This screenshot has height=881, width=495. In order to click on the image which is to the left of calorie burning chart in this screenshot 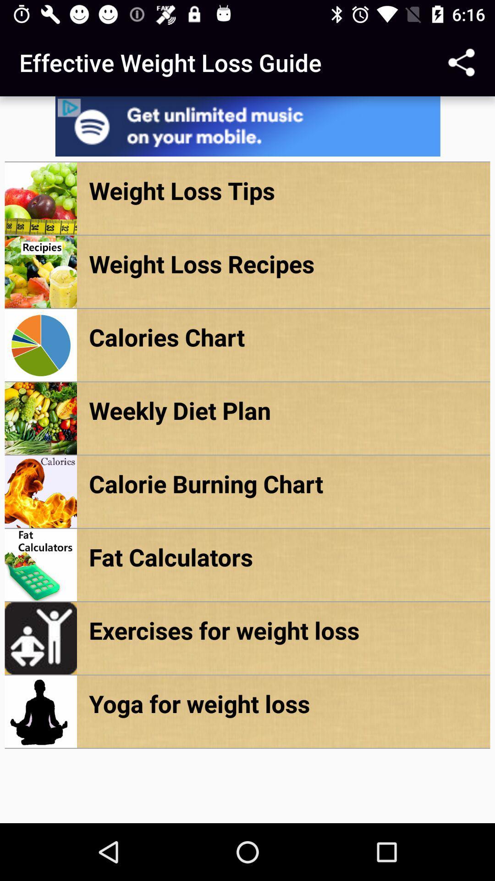, I will do `click(40, 491)`.